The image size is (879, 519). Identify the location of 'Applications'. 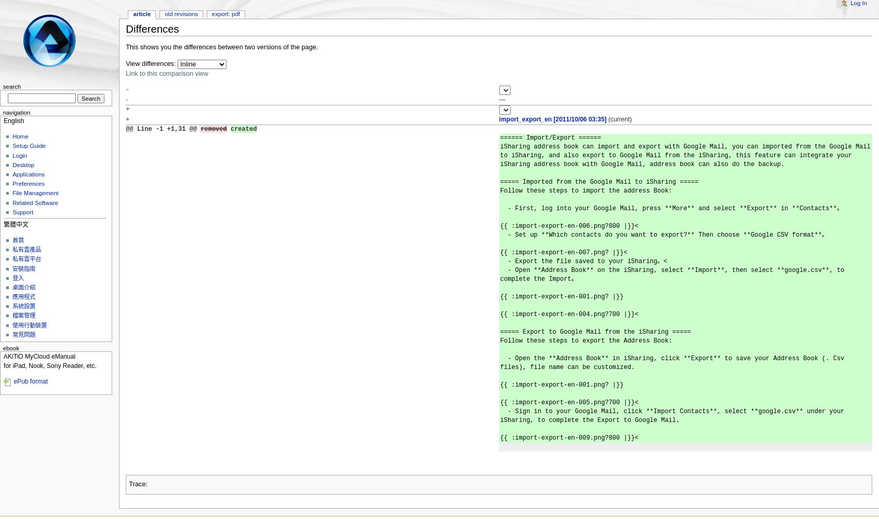
(28, 174).